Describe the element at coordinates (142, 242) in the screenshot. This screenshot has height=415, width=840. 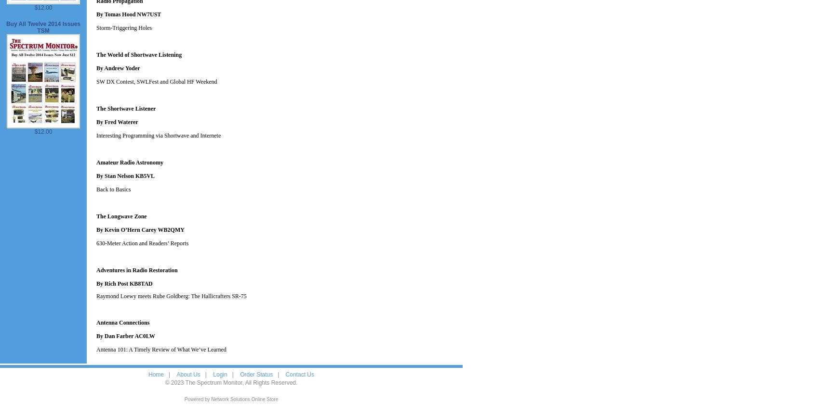
I see `'630-Meter
Action and Readers’ Reports'` at that location.